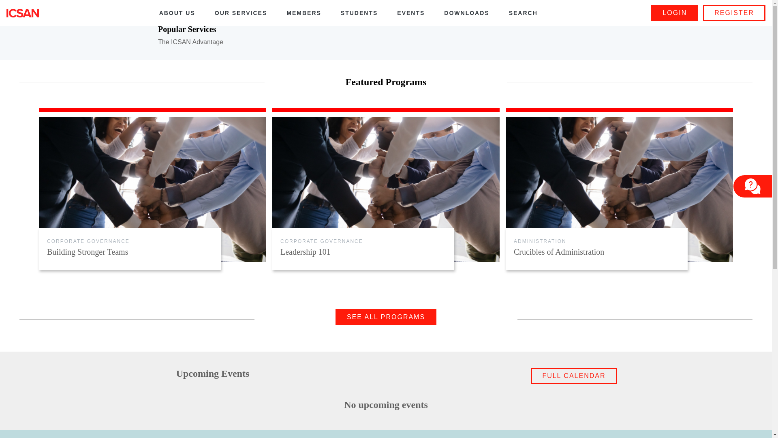 The image size is (778, 438). Describe the element at coordinates (23, 13) in the screenshot. I see `'Navbar'` at that location.